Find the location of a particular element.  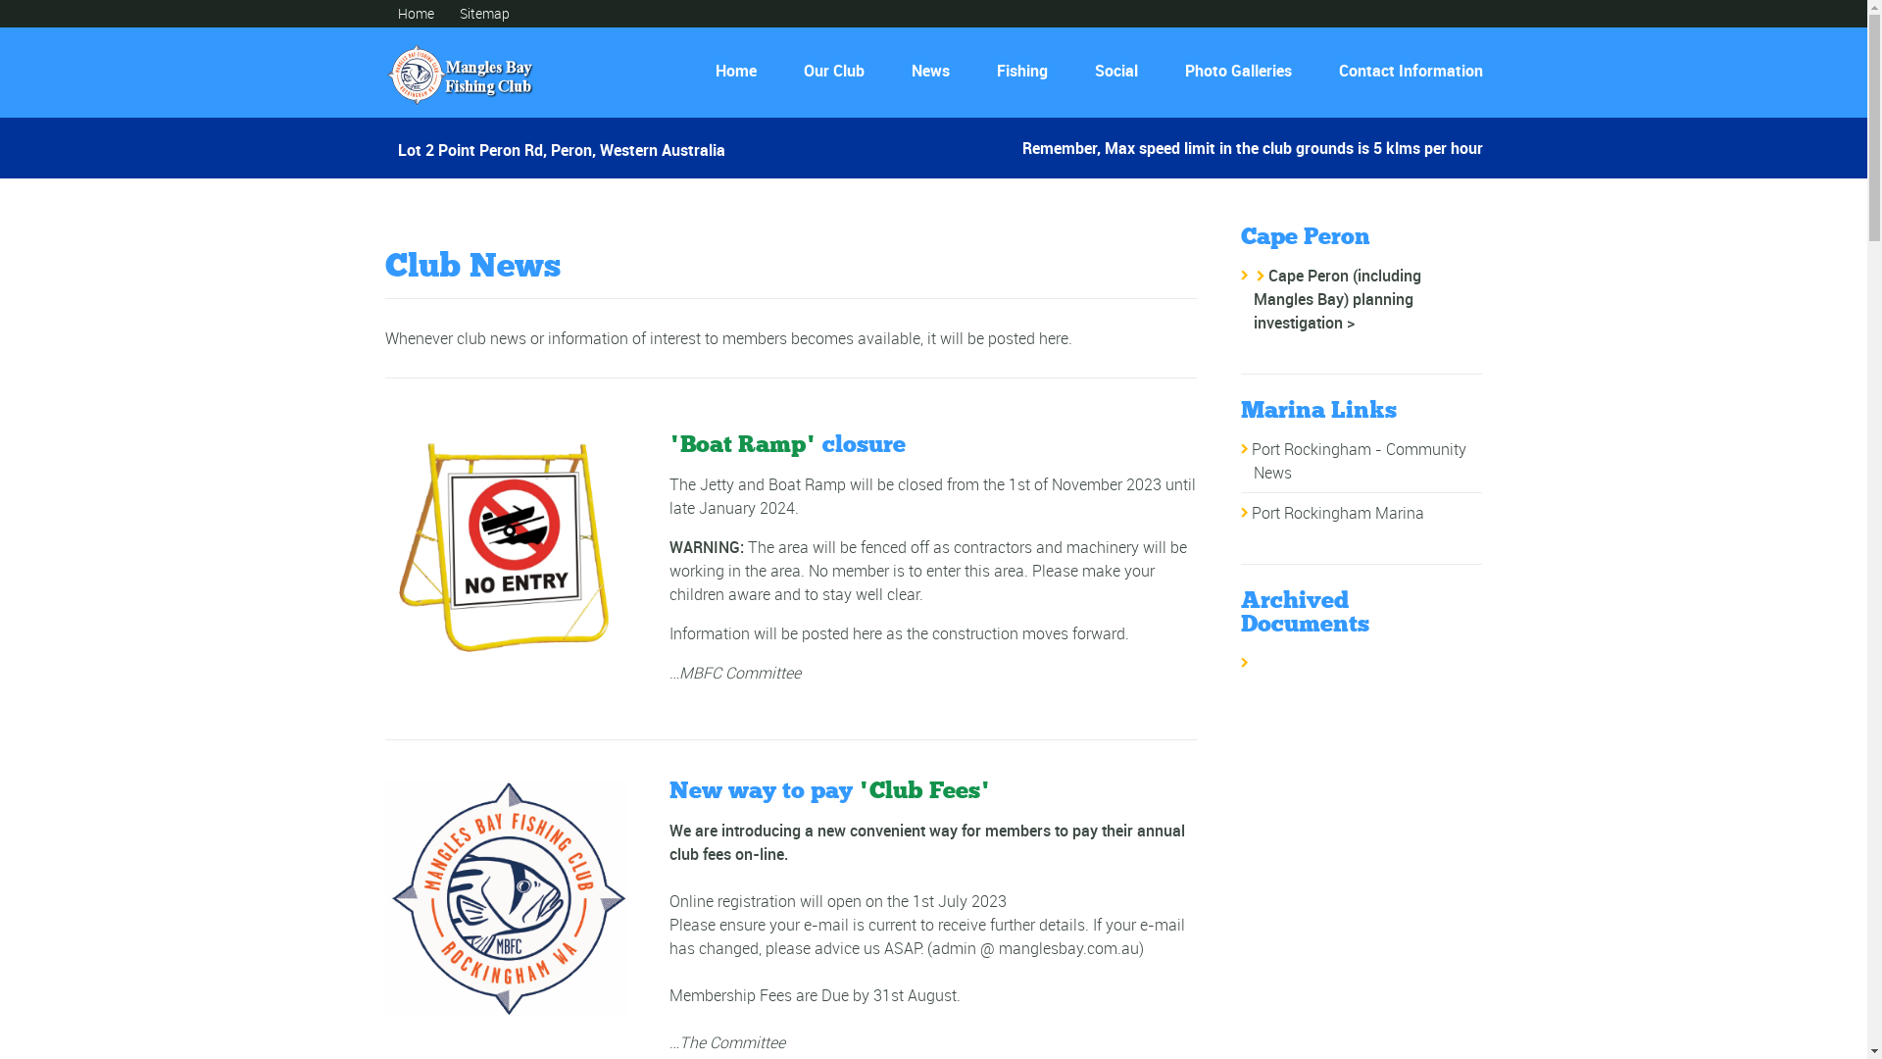

'Photo Galleries' is located at coordinates (1236, 70).